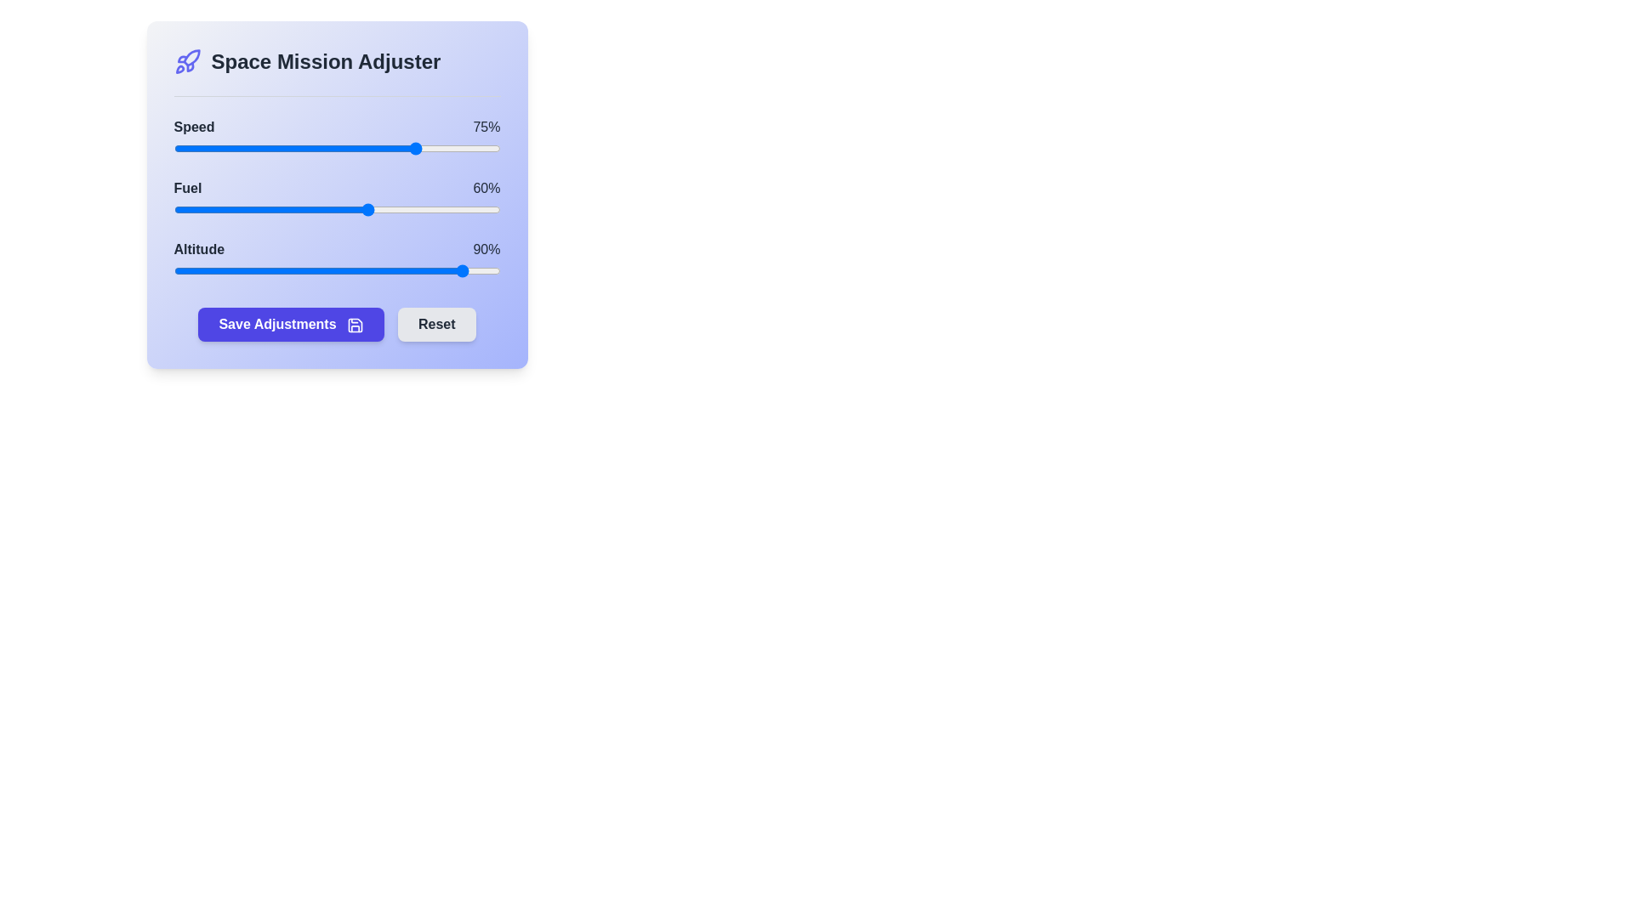  What do you see at coordinates (291, 324) in the screenshot?
I see `'Save Adjustments' button to save the settings` at bounding box center [291, 324].